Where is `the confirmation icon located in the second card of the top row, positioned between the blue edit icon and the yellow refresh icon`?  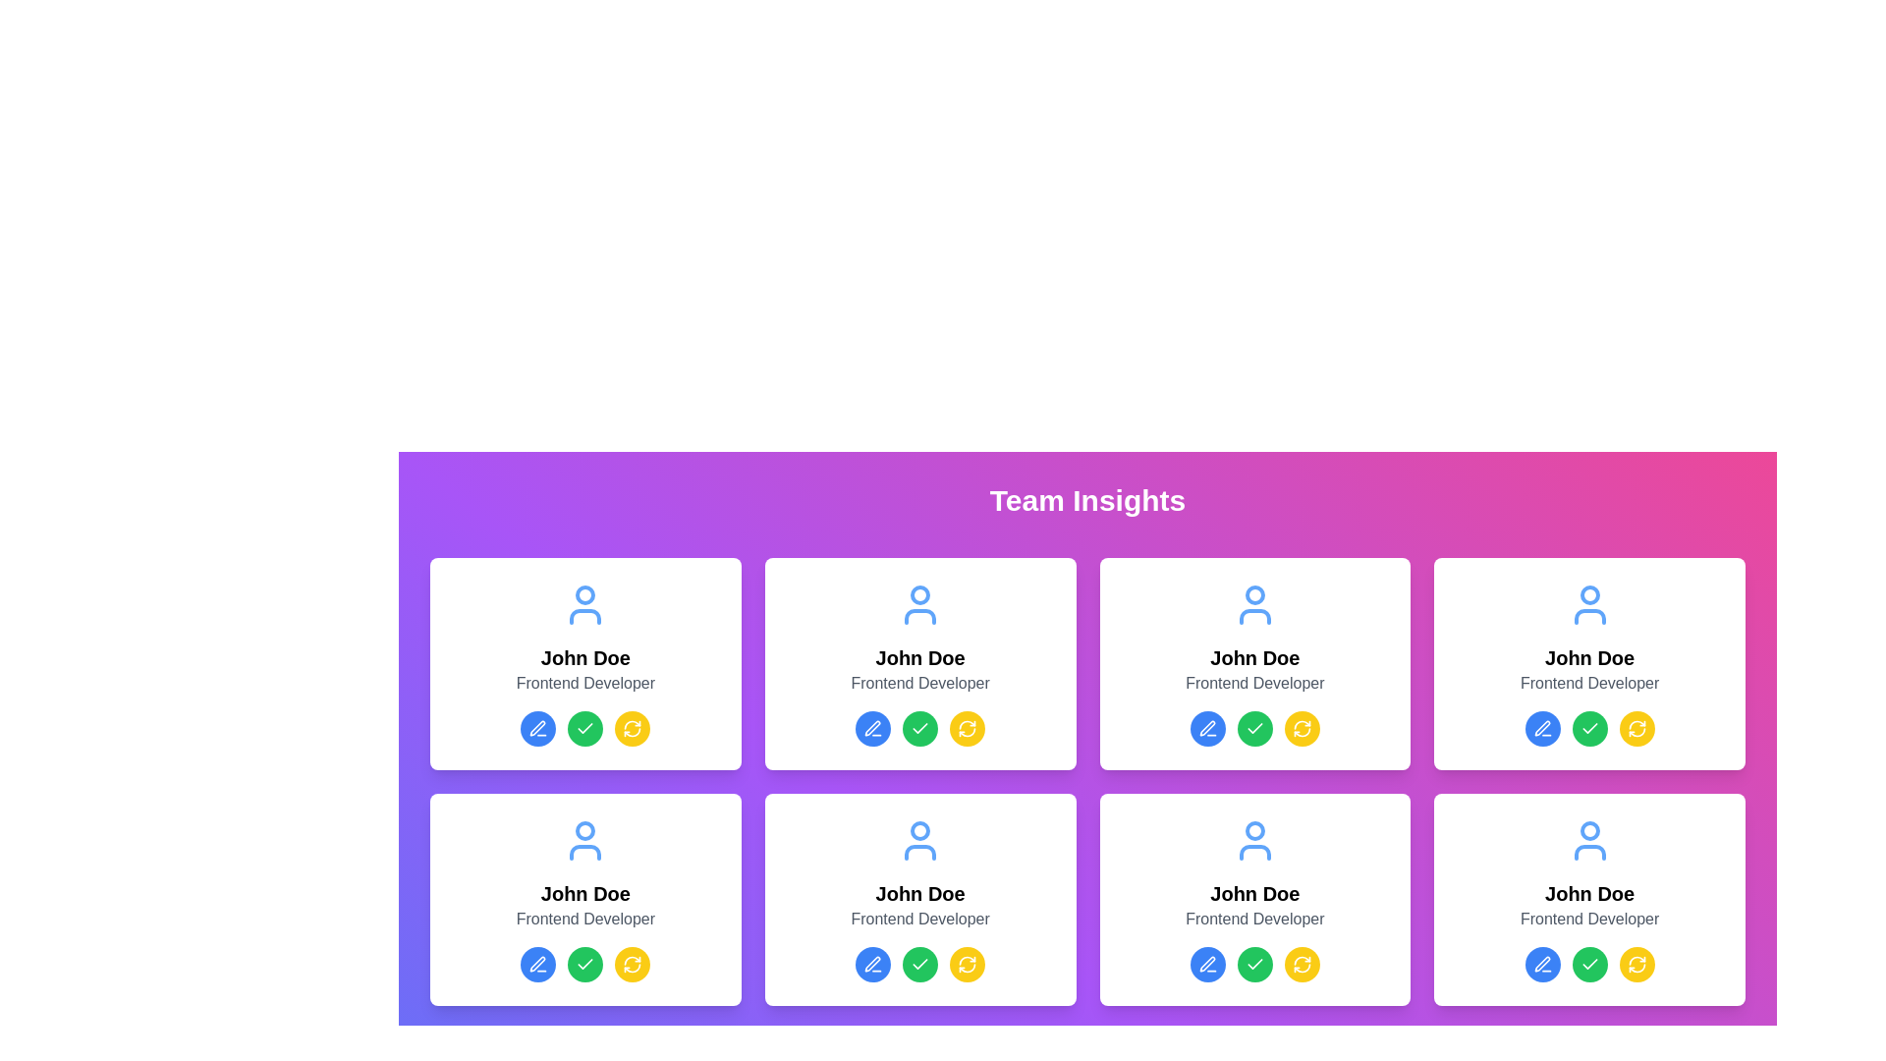 the confirmation icon located in the second card of the top row, positioned between the blue edit icon and the yellow refresh icon is located at coordinates (1253, 728).